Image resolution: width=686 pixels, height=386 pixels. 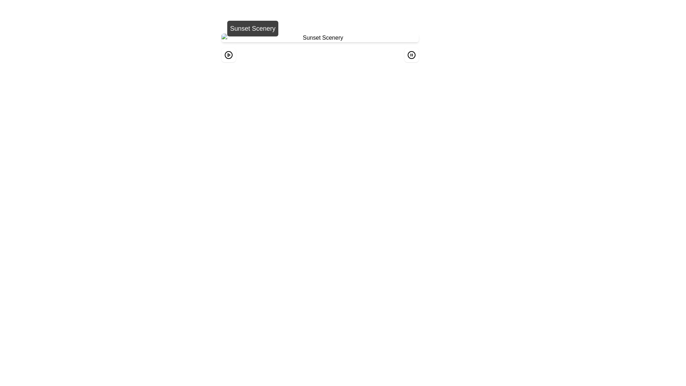 I want to click on the play button located on the left side of the horizontal UI block, so click(x=228, y=55).